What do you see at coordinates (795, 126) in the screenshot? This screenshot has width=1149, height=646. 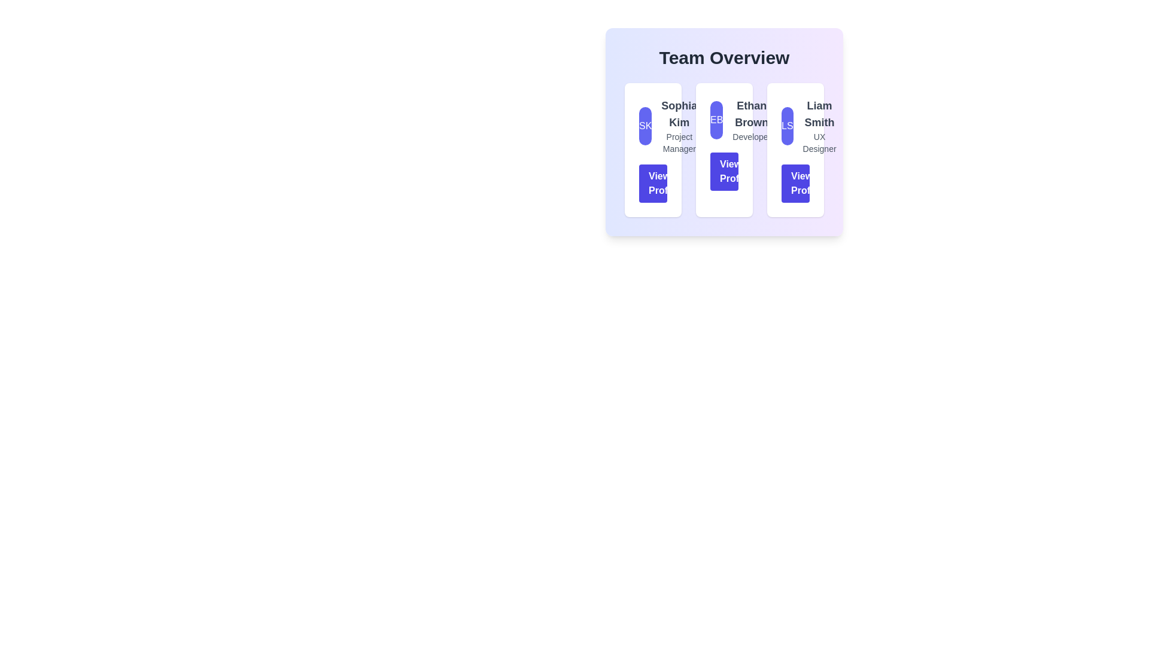 I see `the Circular Badge representing the individual identified by the initials 'LS' located at the top-left quadrant of the profile card layout` at bounding box center [795, 126].